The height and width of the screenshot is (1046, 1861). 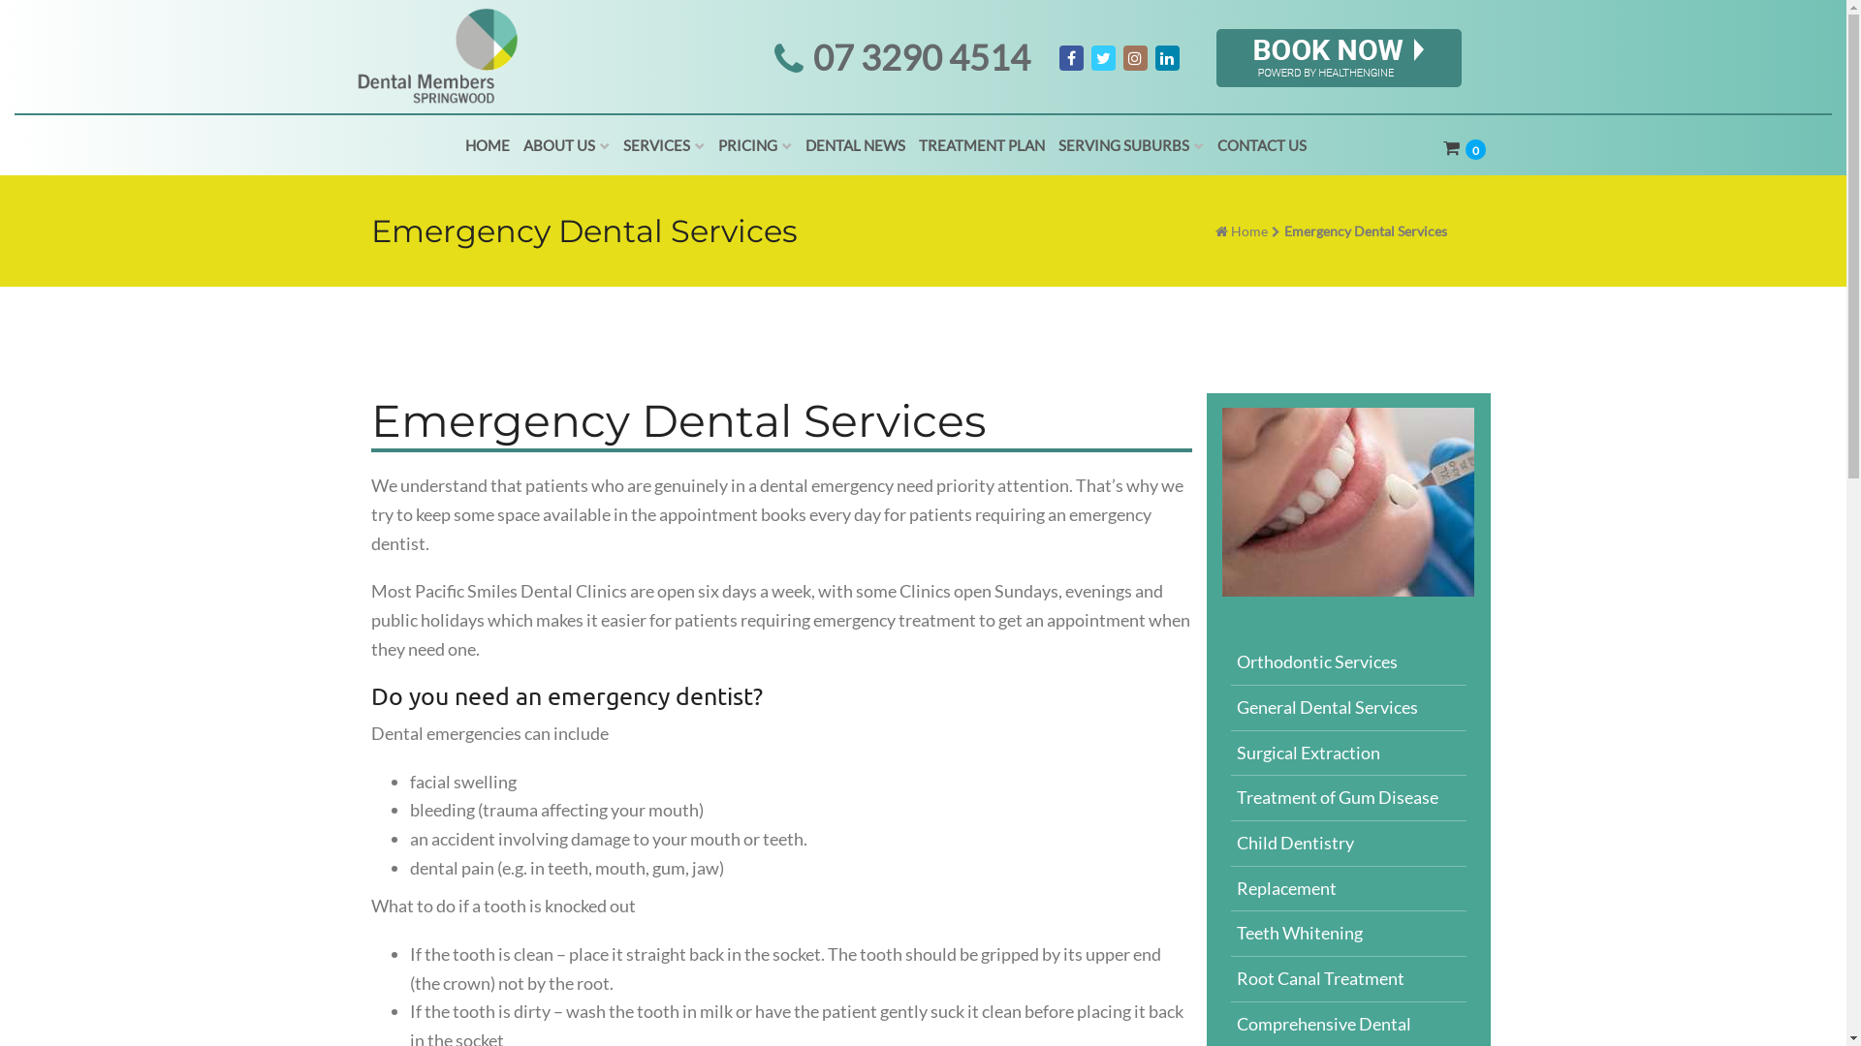 I want to click on 'CONTACT US', so click(x=1210, y=144).